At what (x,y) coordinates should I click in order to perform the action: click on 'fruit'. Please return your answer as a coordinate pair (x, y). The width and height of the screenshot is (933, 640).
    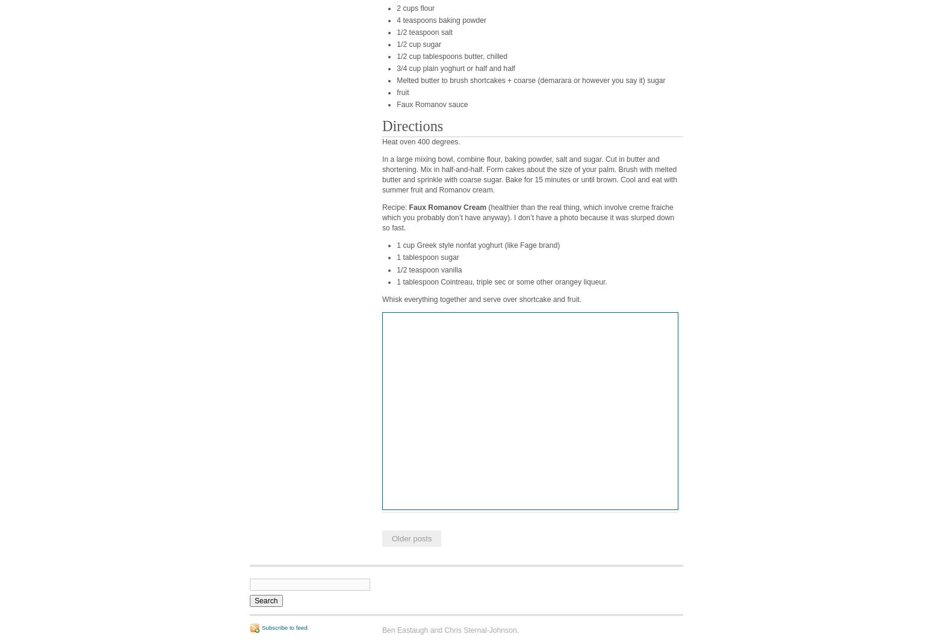
    Looking at the image, I should click on (401, 92).